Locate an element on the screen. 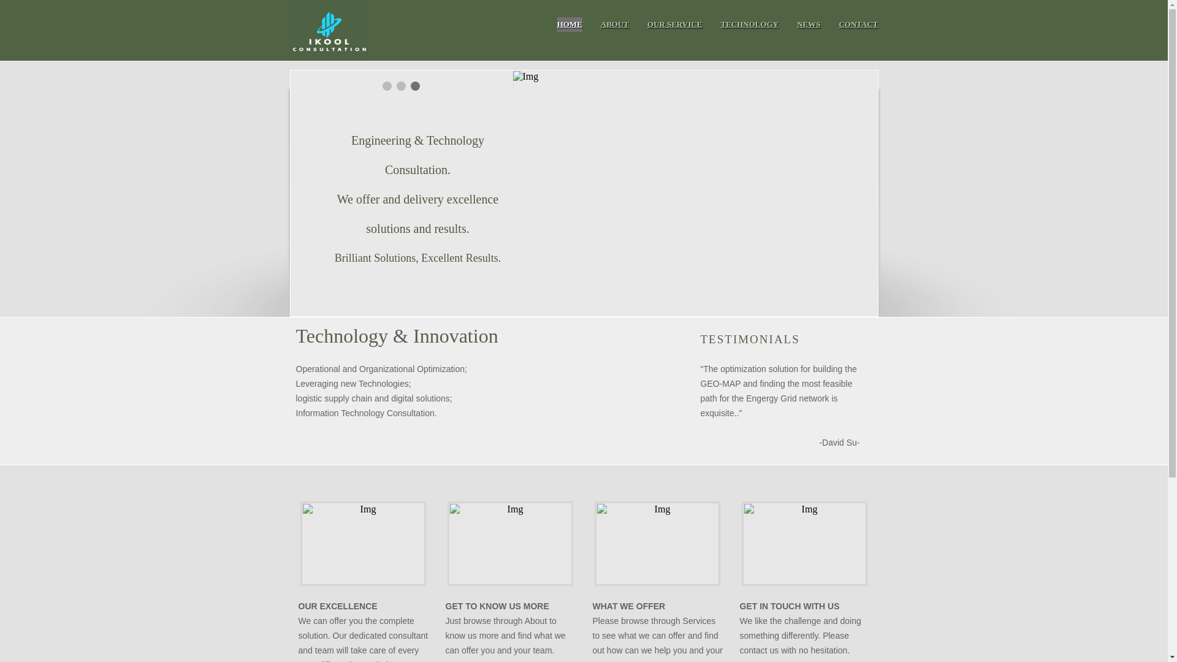  'HOME' is located at coordinates (569, 24).